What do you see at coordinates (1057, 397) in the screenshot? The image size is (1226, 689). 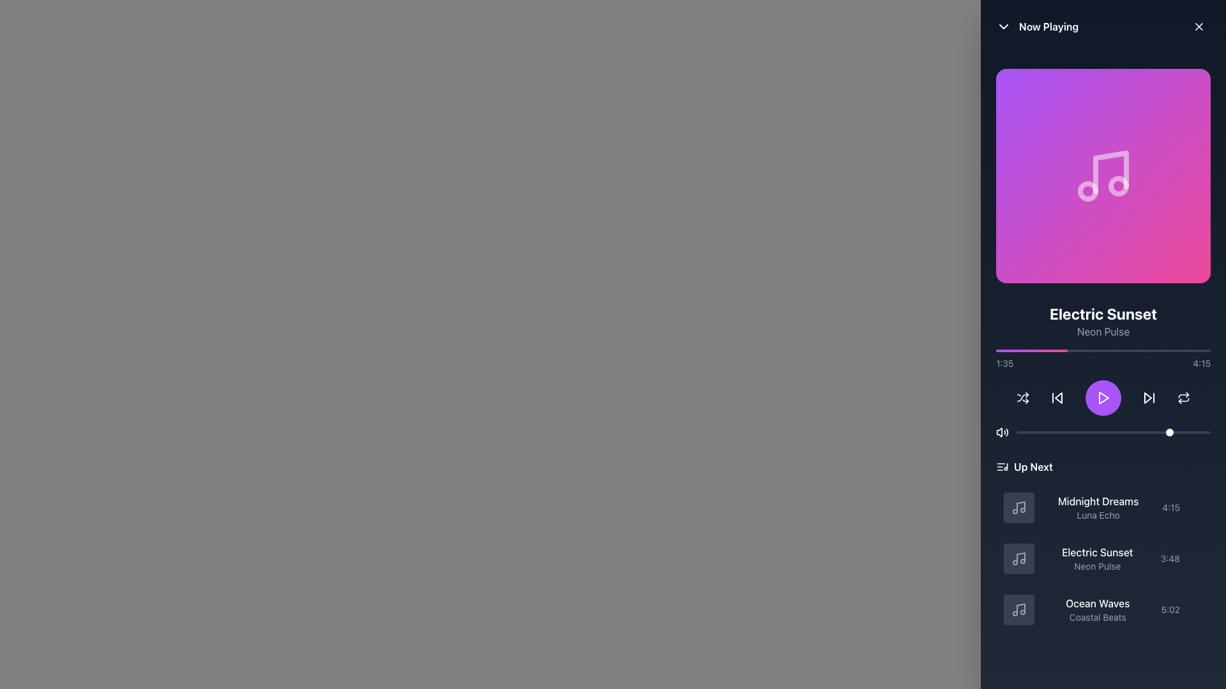 I see `the skip-back button, which is an icon with a triangle pointing left and a vertical bar, located in the music control panel near the play and skip forward buttons` at bounding box center [1057, 397].